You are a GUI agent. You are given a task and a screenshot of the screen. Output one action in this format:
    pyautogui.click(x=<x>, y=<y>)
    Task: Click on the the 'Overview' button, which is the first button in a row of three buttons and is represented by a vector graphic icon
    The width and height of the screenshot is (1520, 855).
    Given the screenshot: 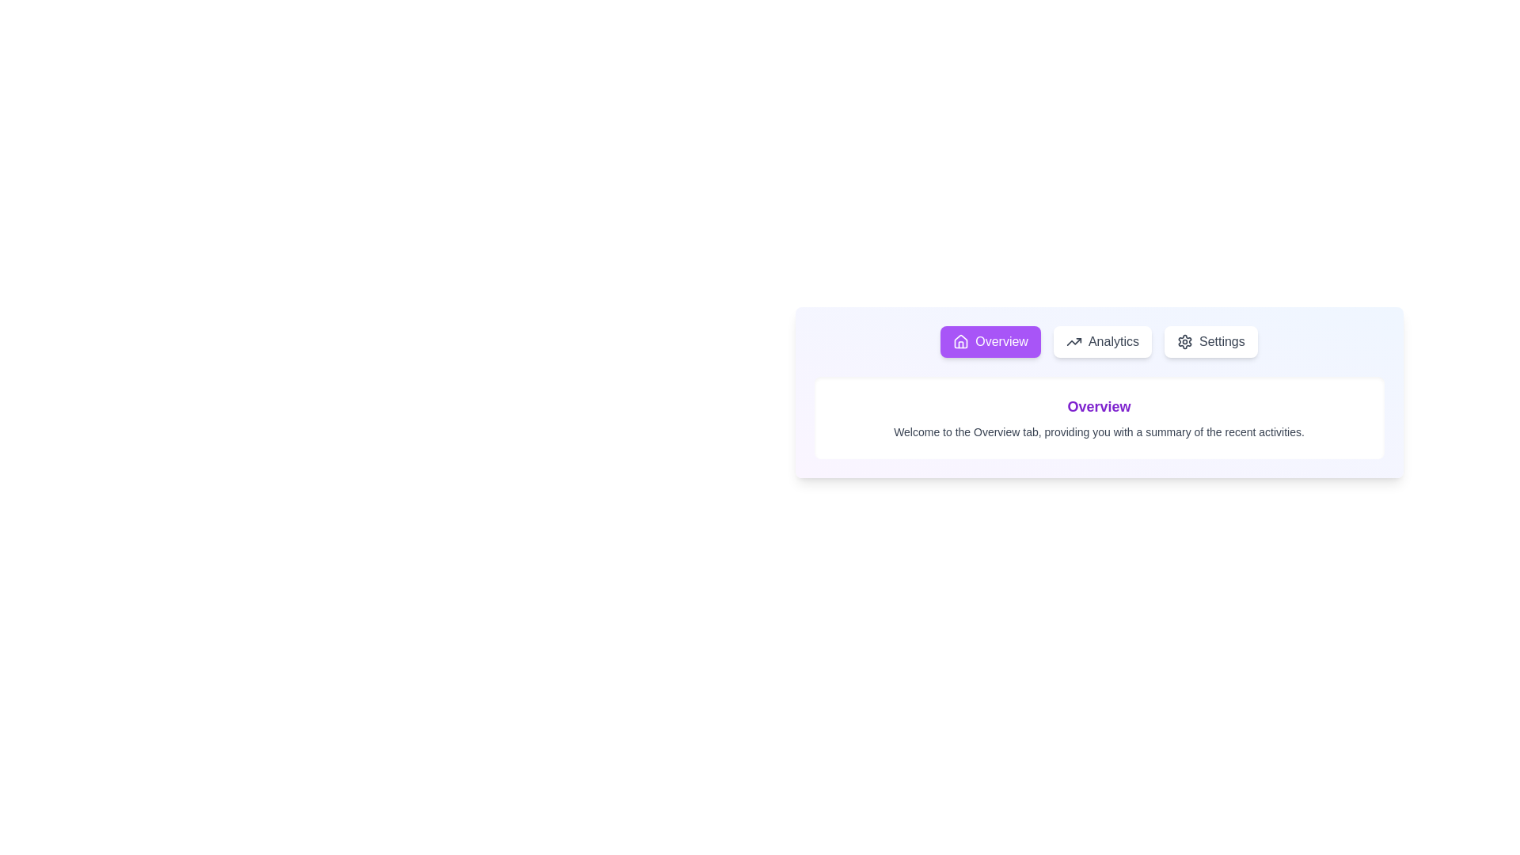 What is the action you would take?
    pyautogui.click(x=960, y=341)
    